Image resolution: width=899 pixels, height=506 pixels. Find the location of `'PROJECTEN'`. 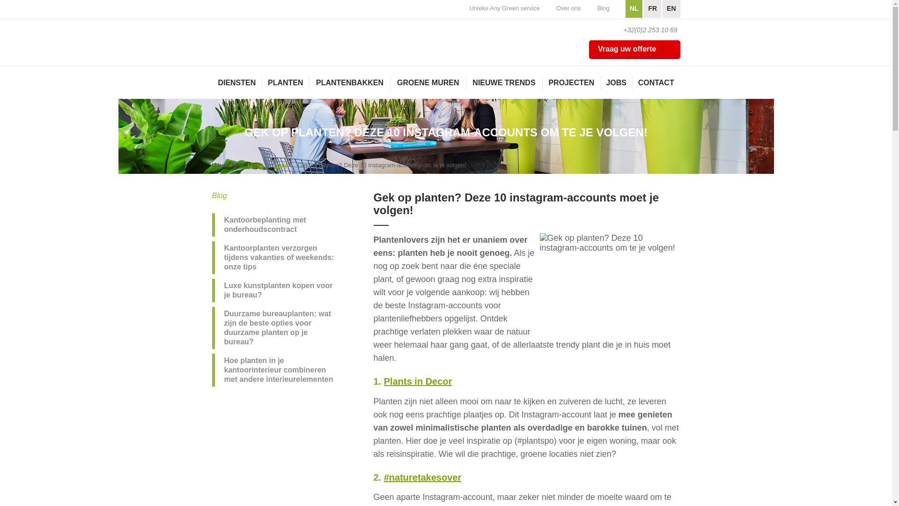

'PROJECTEN' is located at coordinates (542, 87).